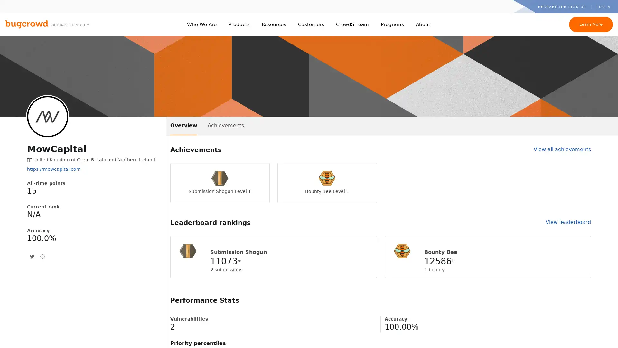 The width and height of the screenshot is (618, 348). Describe the element at coordinates (327, 183) in the screenshot. I see `Bounty Bee Level 1 Bounty Bee Level 1` at that location.